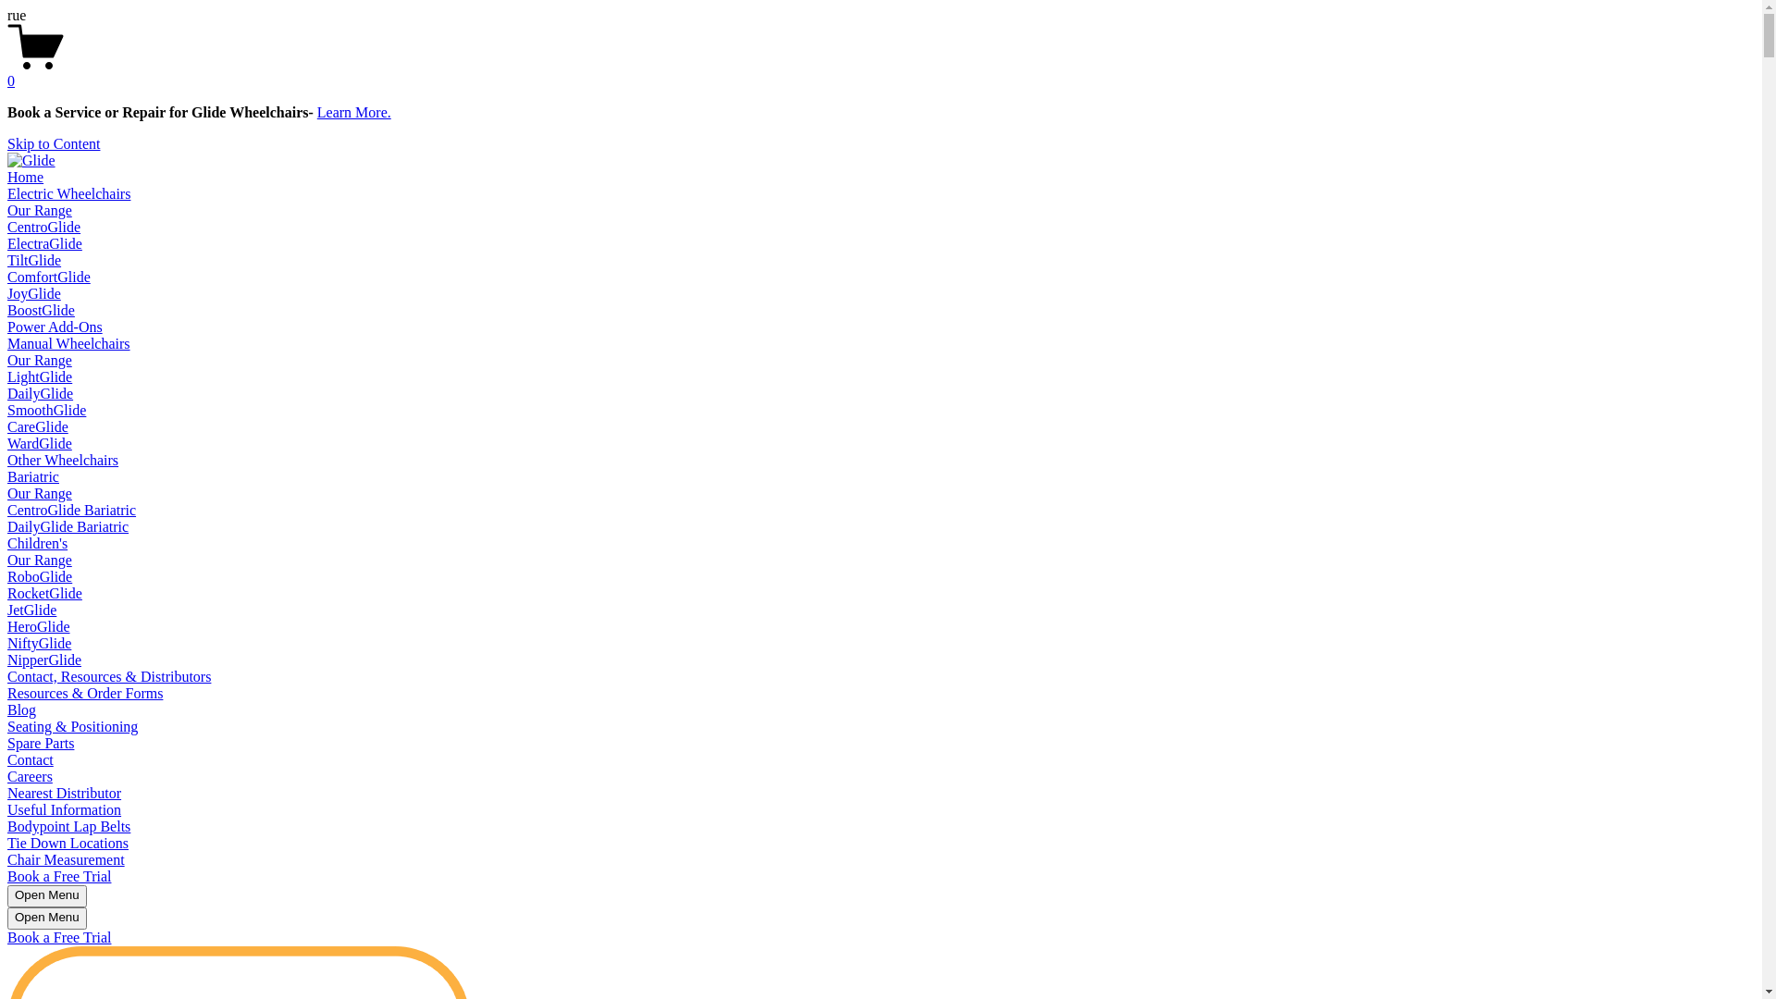 The image size is (1776, 999). What do you see at coordinates (31, 610) in the screenshot?
I see `'JetGlide'` at bounding box center [31, 610].